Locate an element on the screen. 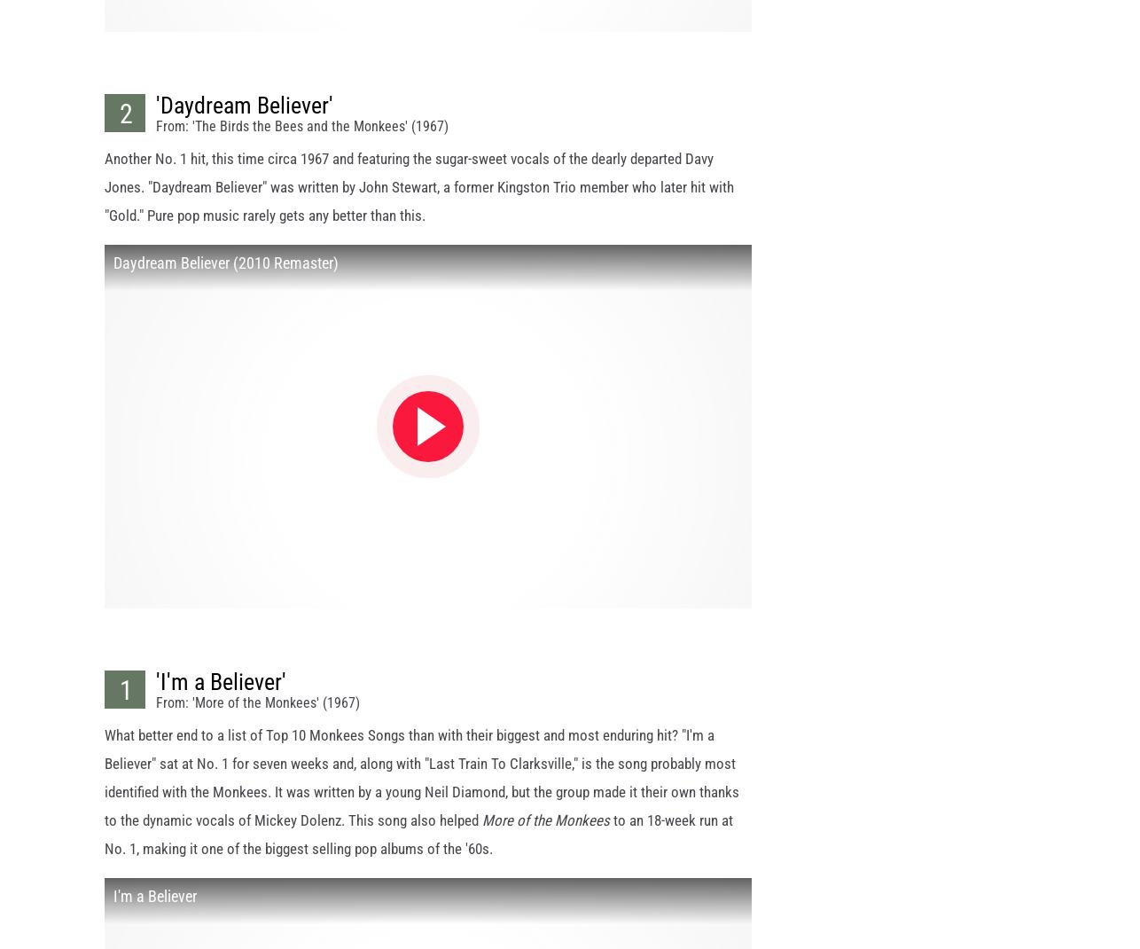  'More of the Monkees' is located at coordinates (544, 835).